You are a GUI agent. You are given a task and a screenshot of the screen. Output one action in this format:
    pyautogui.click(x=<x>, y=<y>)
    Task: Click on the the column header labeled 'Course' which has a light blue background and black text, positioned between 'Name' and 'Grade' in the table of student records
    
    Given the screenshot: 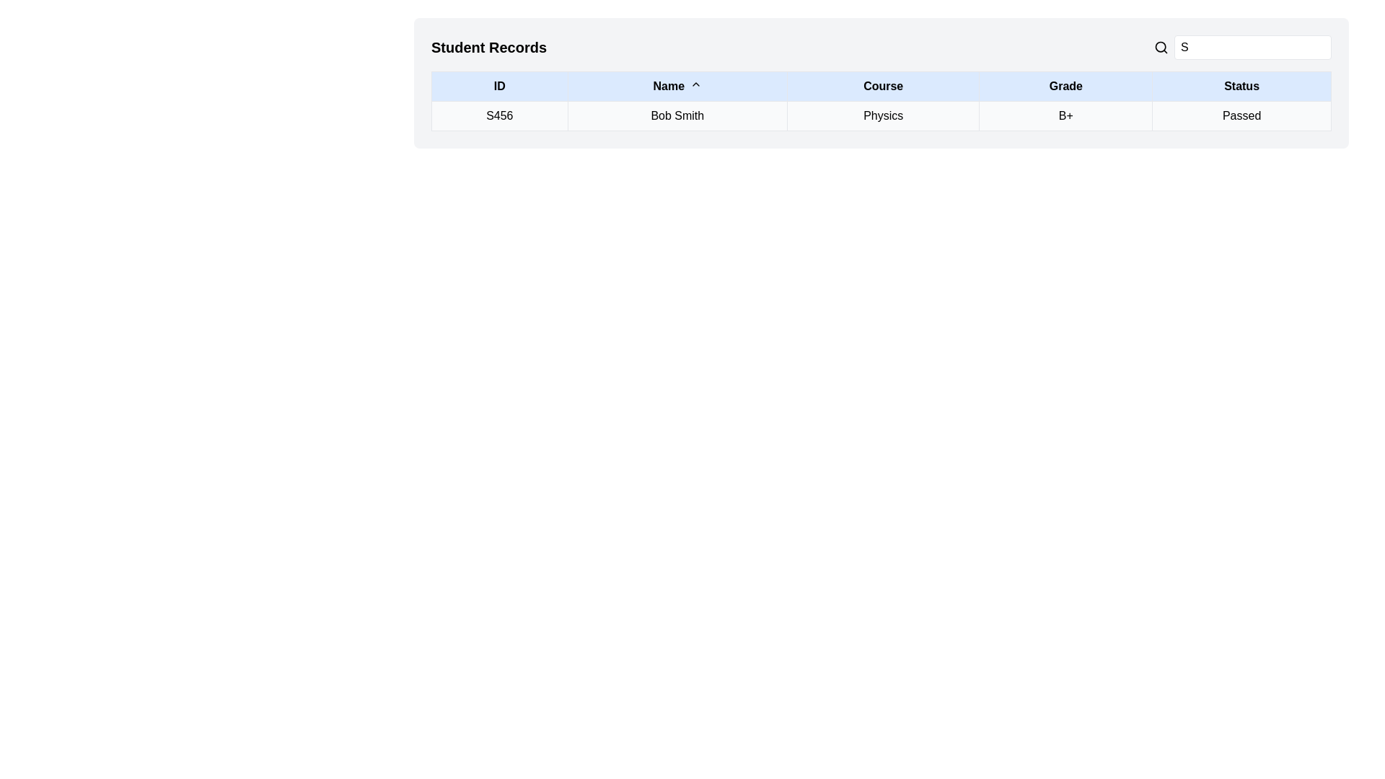 What is the action you would take?
    pyautogui.click(x=882, y=86)
    